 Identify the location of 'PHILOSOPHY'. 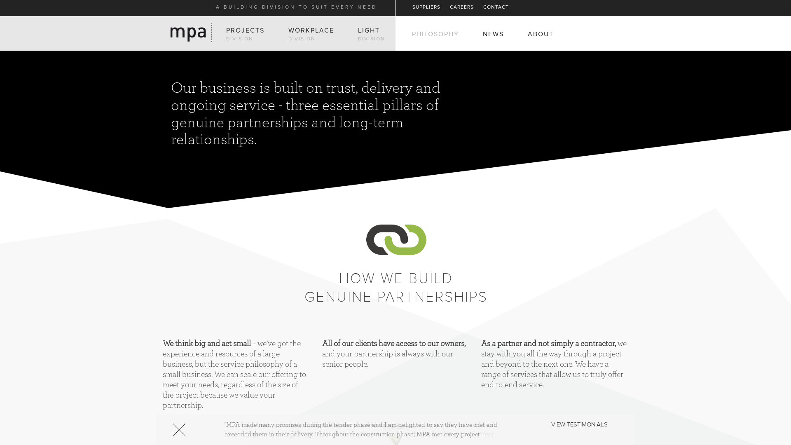
(412, 34).